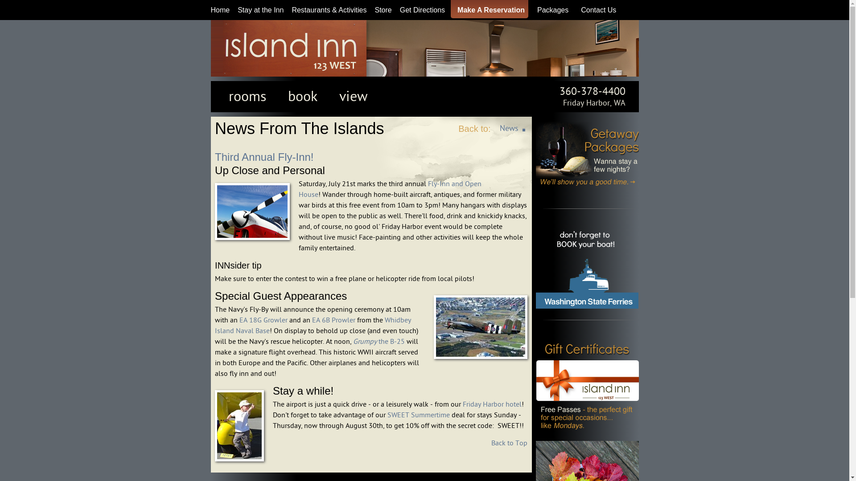 The height and width of the screenshot is (481, 856). What do you see at coordinates (592, 91) in the screenshot?
I see `'360-378-4400'` at bounding box center [592, 91].